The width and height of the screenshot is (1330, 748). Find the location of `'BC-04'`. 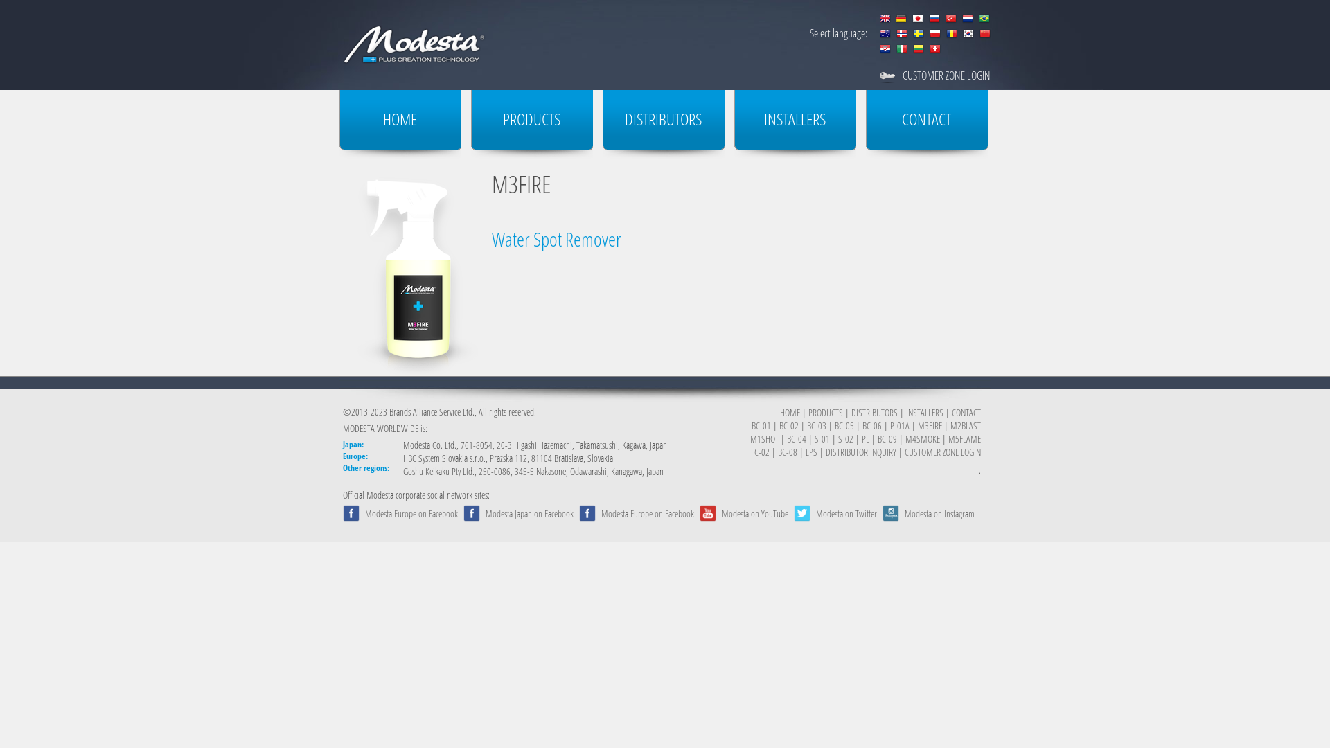

'BC-04' is located at coordinates (797, 438).